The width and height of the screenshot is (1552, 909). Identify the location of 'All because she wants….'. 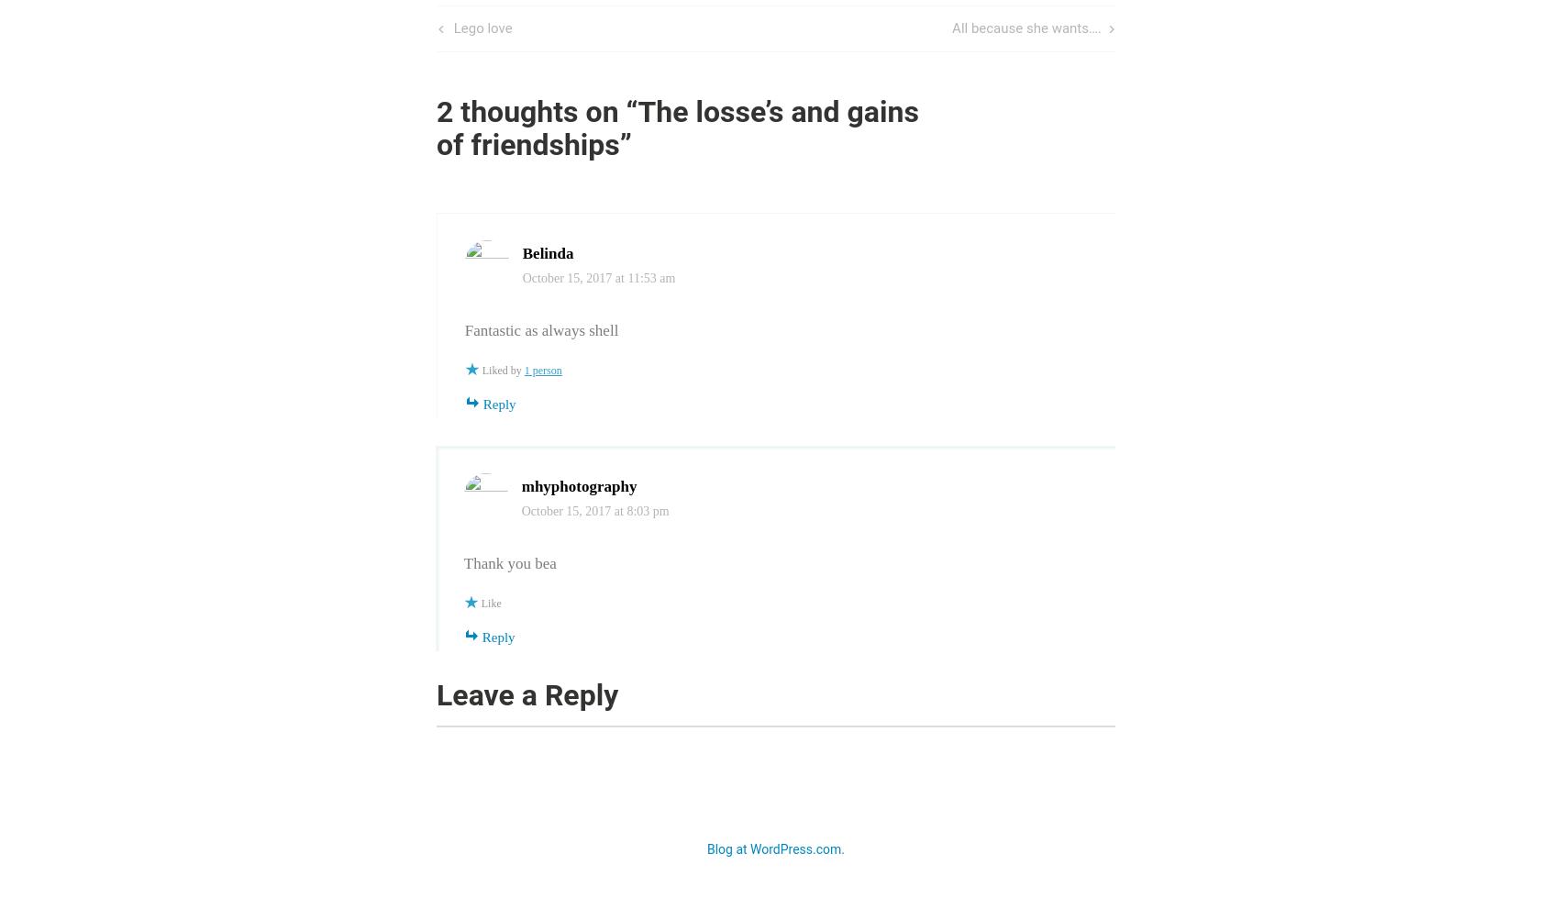
(1026, 27).